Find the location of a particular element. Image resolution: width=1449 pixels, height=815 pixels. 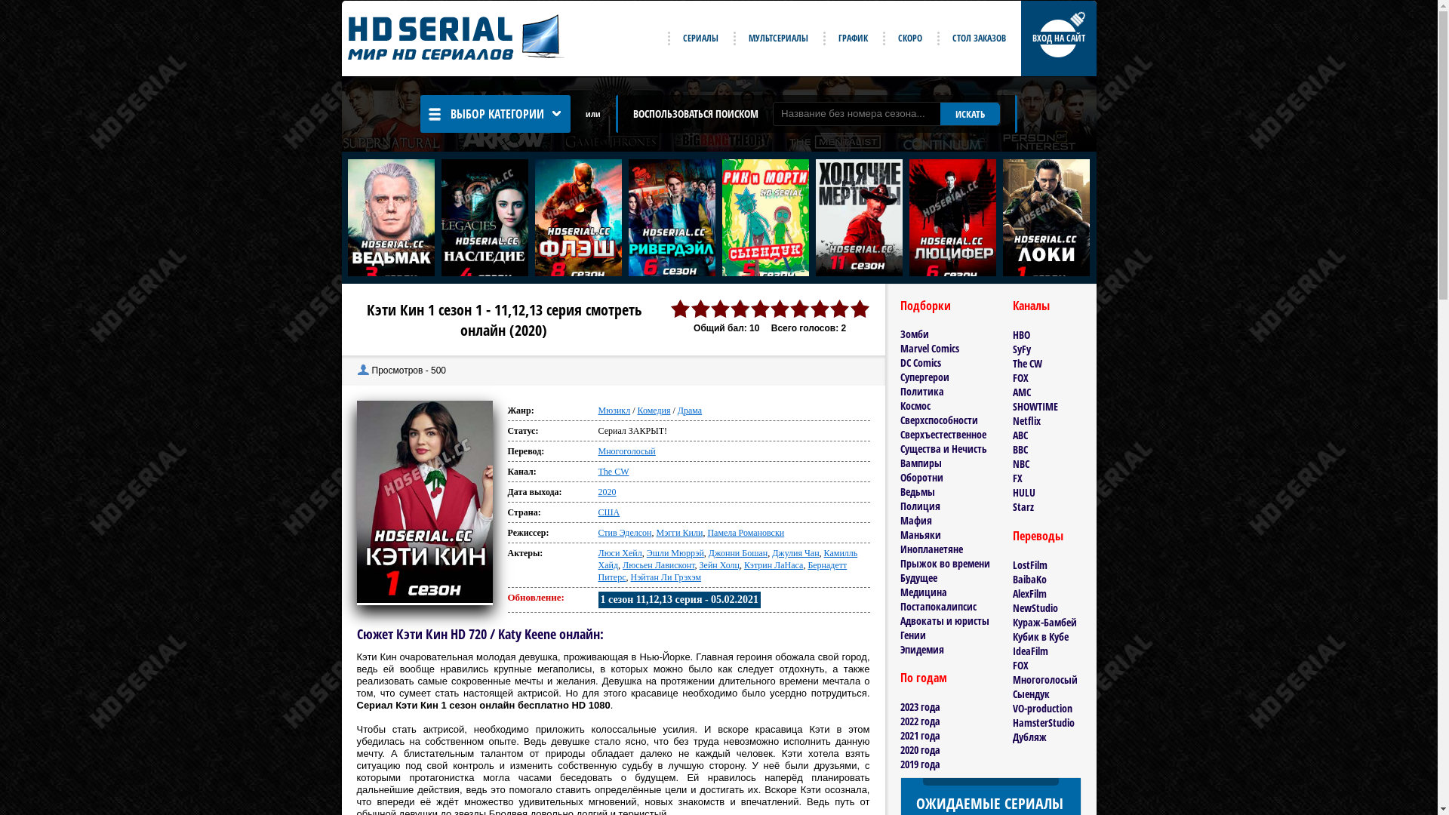

'Starz' is located at coordinates (1023, 506).